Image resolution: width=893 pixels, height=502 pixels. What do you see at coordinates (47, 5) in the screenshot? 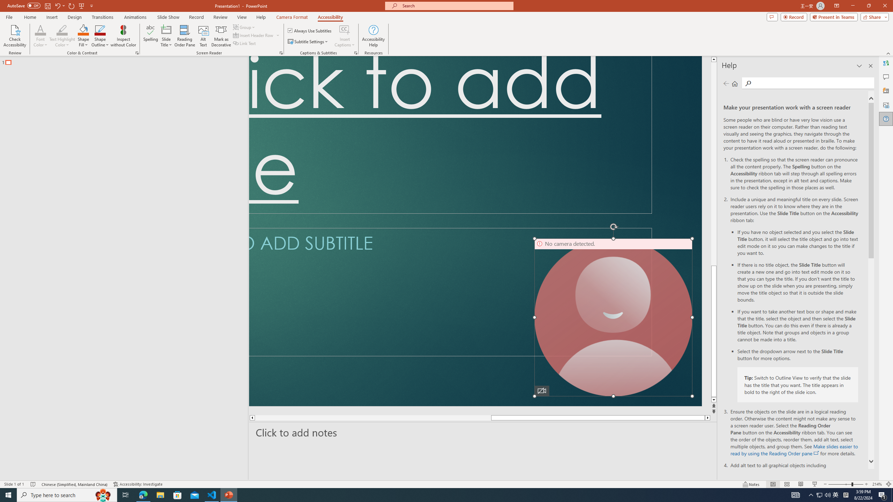
I see `'Save'` at bounding box center [47, 5].